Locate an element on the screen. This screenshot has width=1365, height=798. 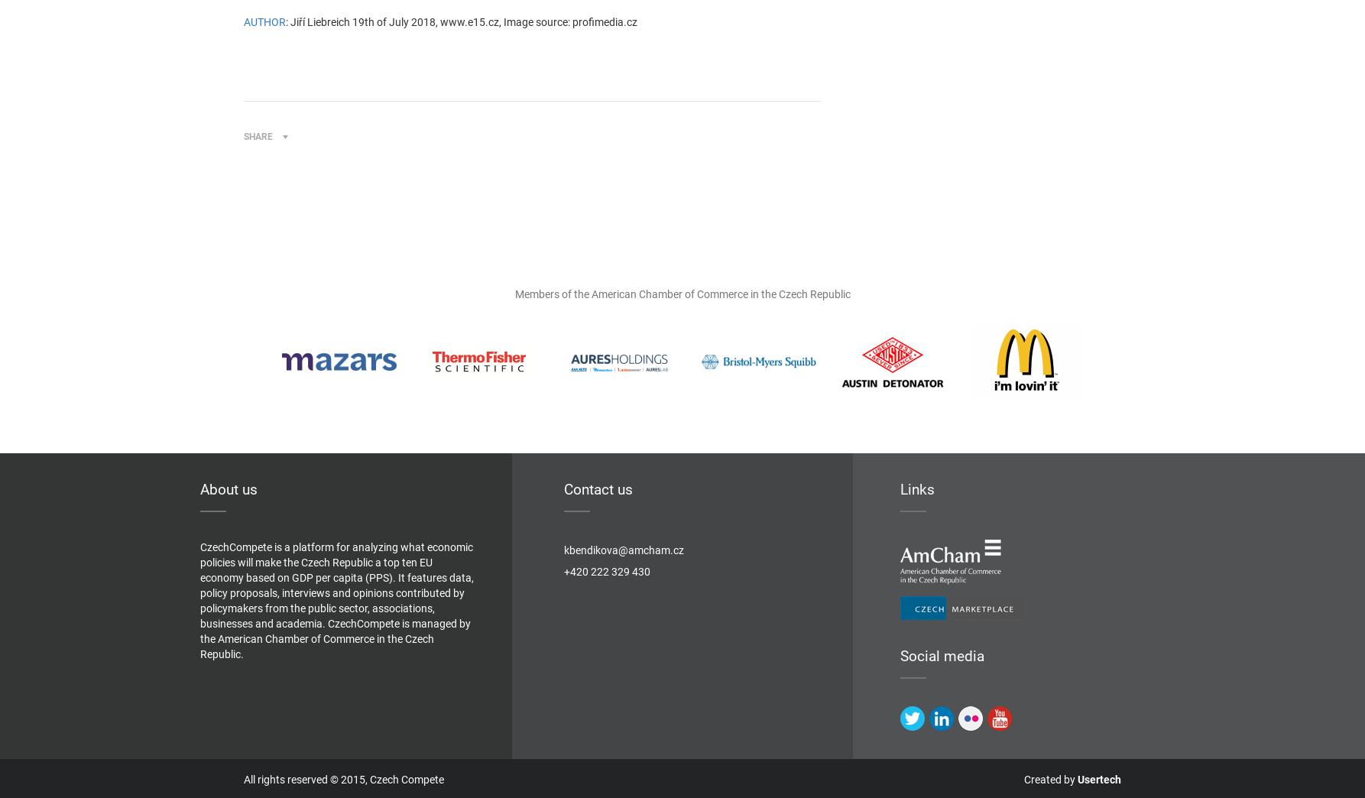
'About us' is located at coordinates (228, 489).